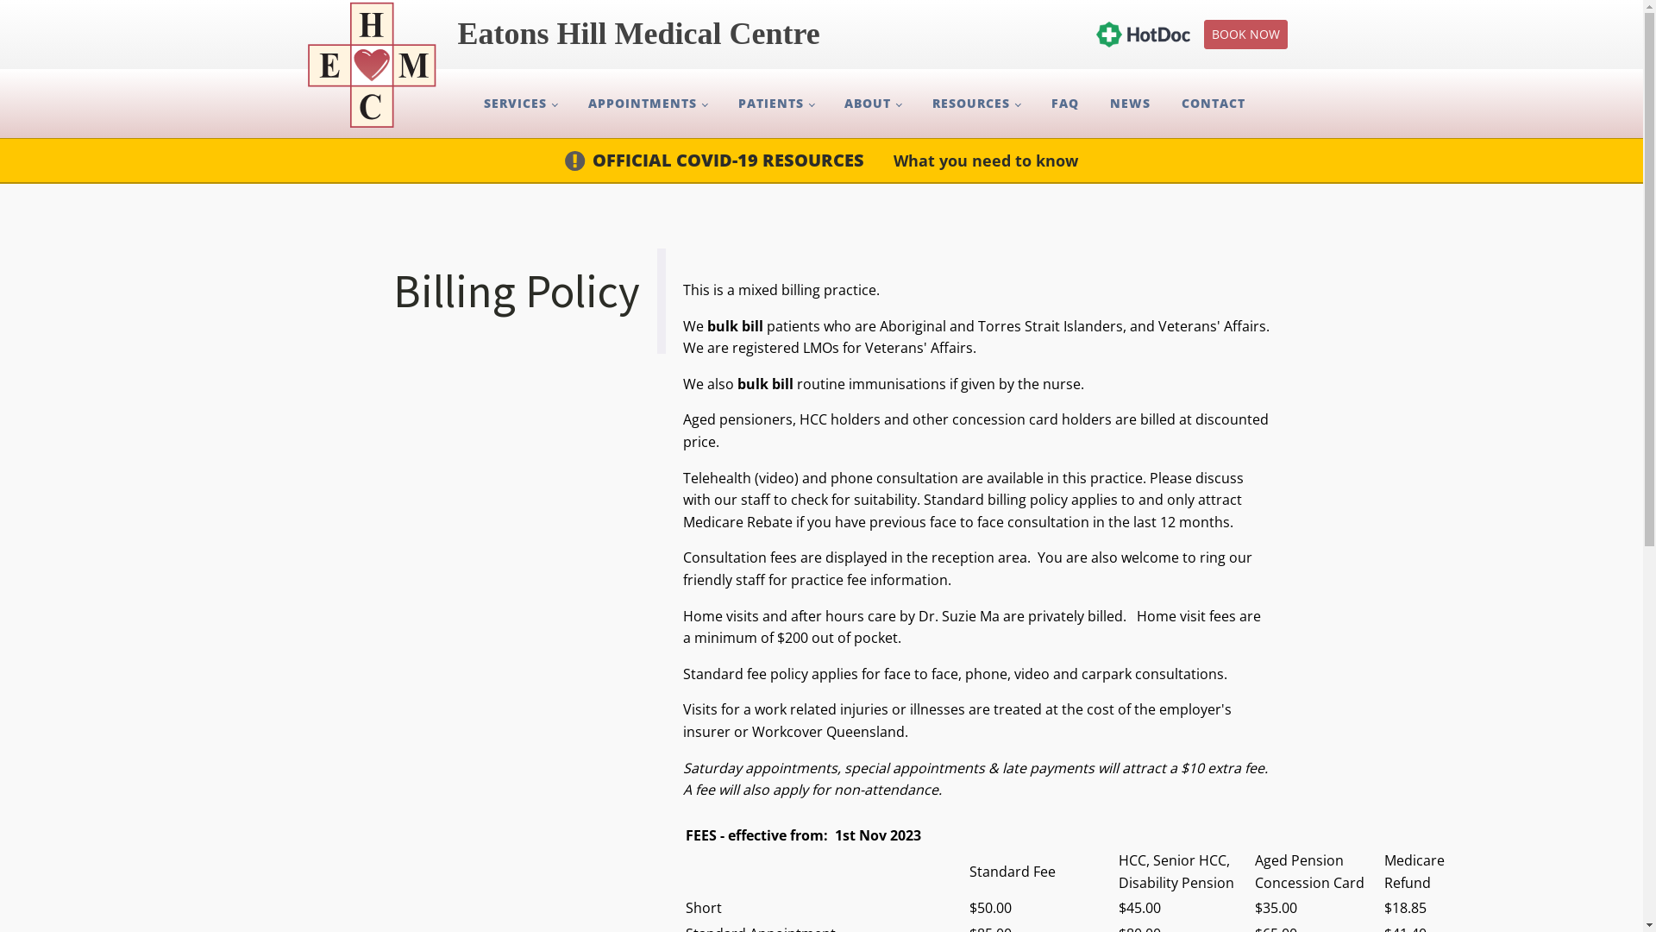  What do you see at coordinates (775, 103) in the screenshot?
I see `'PATIENTS'` at bounding box center [775, 103].